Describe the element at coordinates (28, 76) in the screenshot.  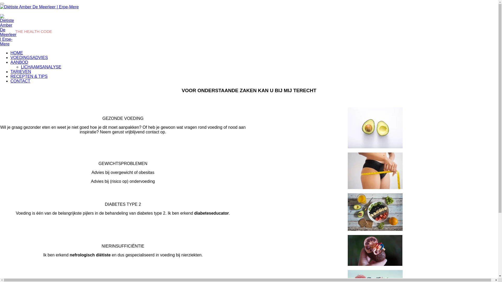
I see `'RECEPTEN & TIPS'` at that location.